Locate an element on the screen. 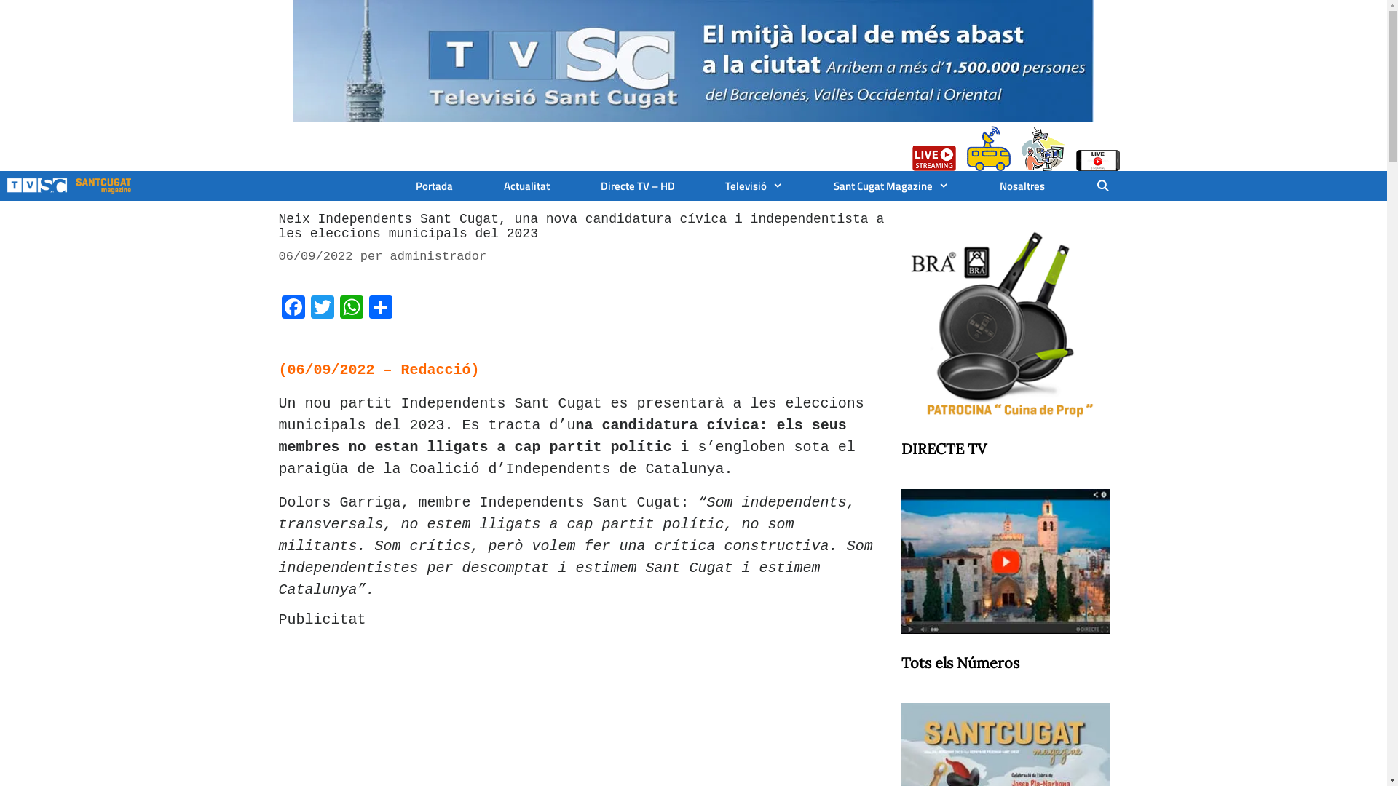  'Twitter' is located at coordinates (320, 309).